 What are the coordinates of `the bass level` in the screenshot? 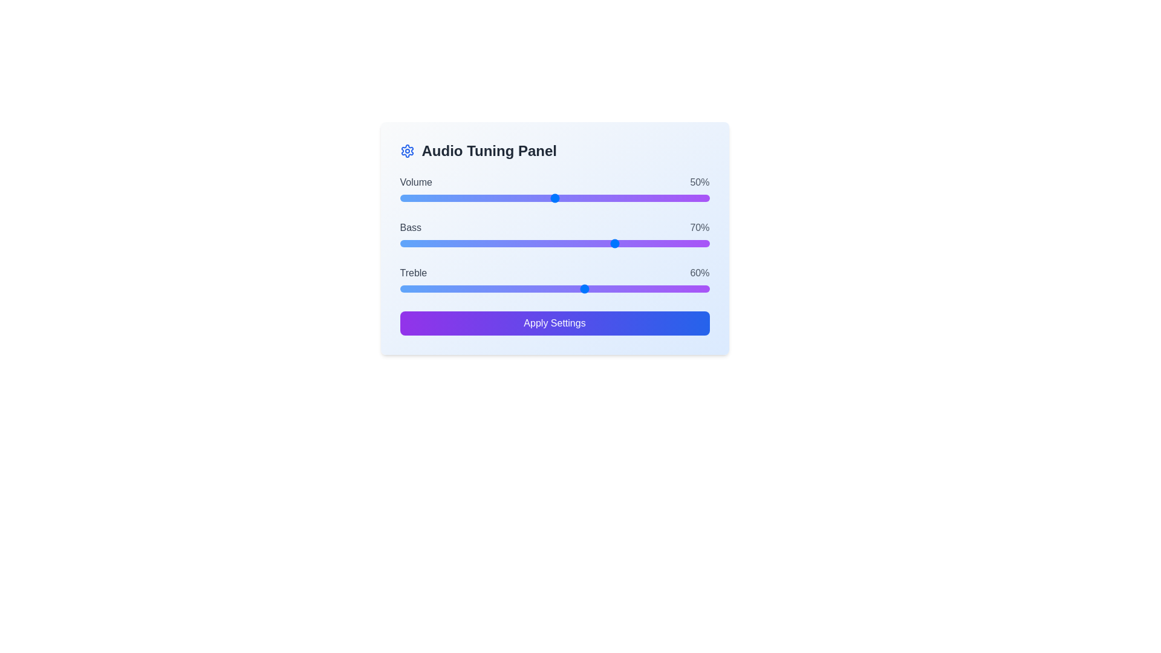 It's located at (406, 243).